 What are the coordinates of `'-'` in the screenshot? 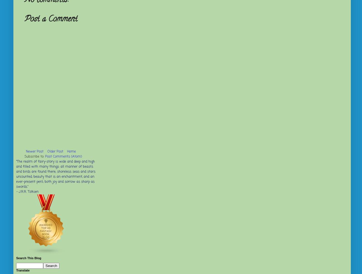 It's located at (17, 192).